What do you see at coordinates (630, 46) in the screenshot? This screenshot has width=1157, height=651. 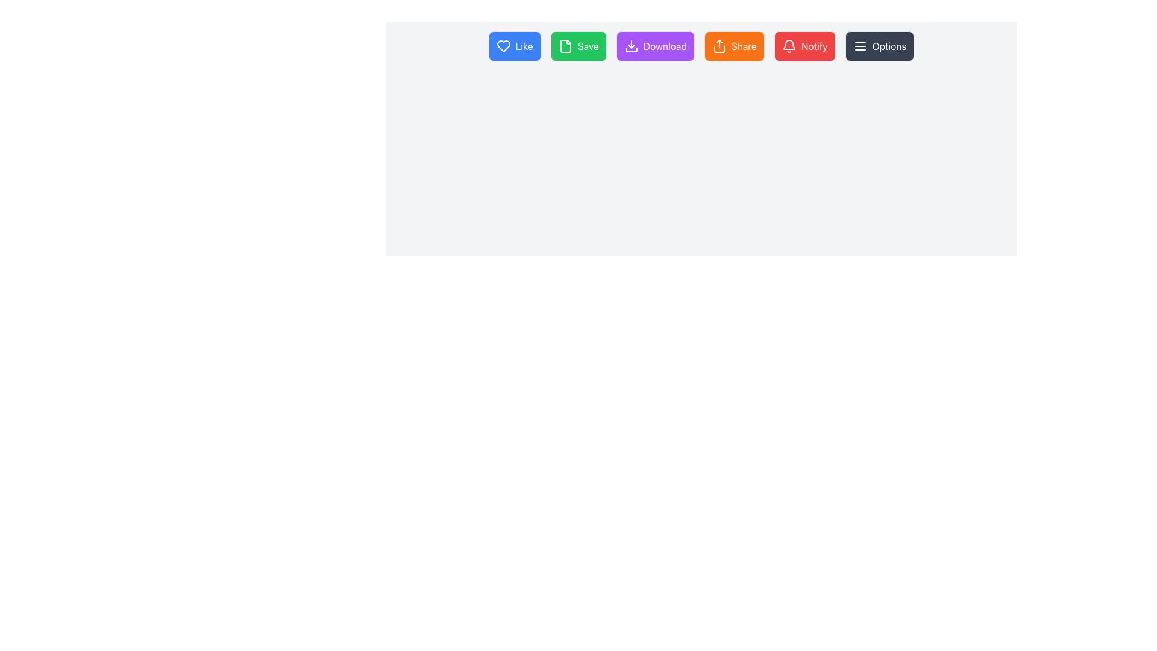 I see `the download icon, which is represented by a downward arrow with a horizontal line below it, part of the 'Download' button styled with a purple background and white text` at bounding box center [630, 46].